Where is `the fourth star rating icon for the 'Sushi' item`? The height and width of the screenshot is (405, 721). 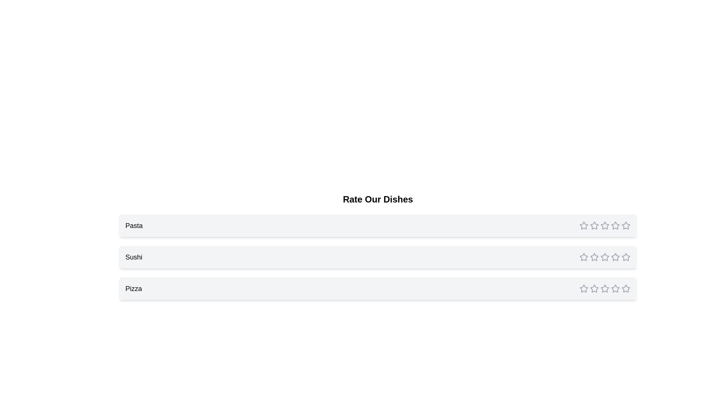 the fourth star rating icon for the 'Sushi' item is located at coordinates (615, 256).